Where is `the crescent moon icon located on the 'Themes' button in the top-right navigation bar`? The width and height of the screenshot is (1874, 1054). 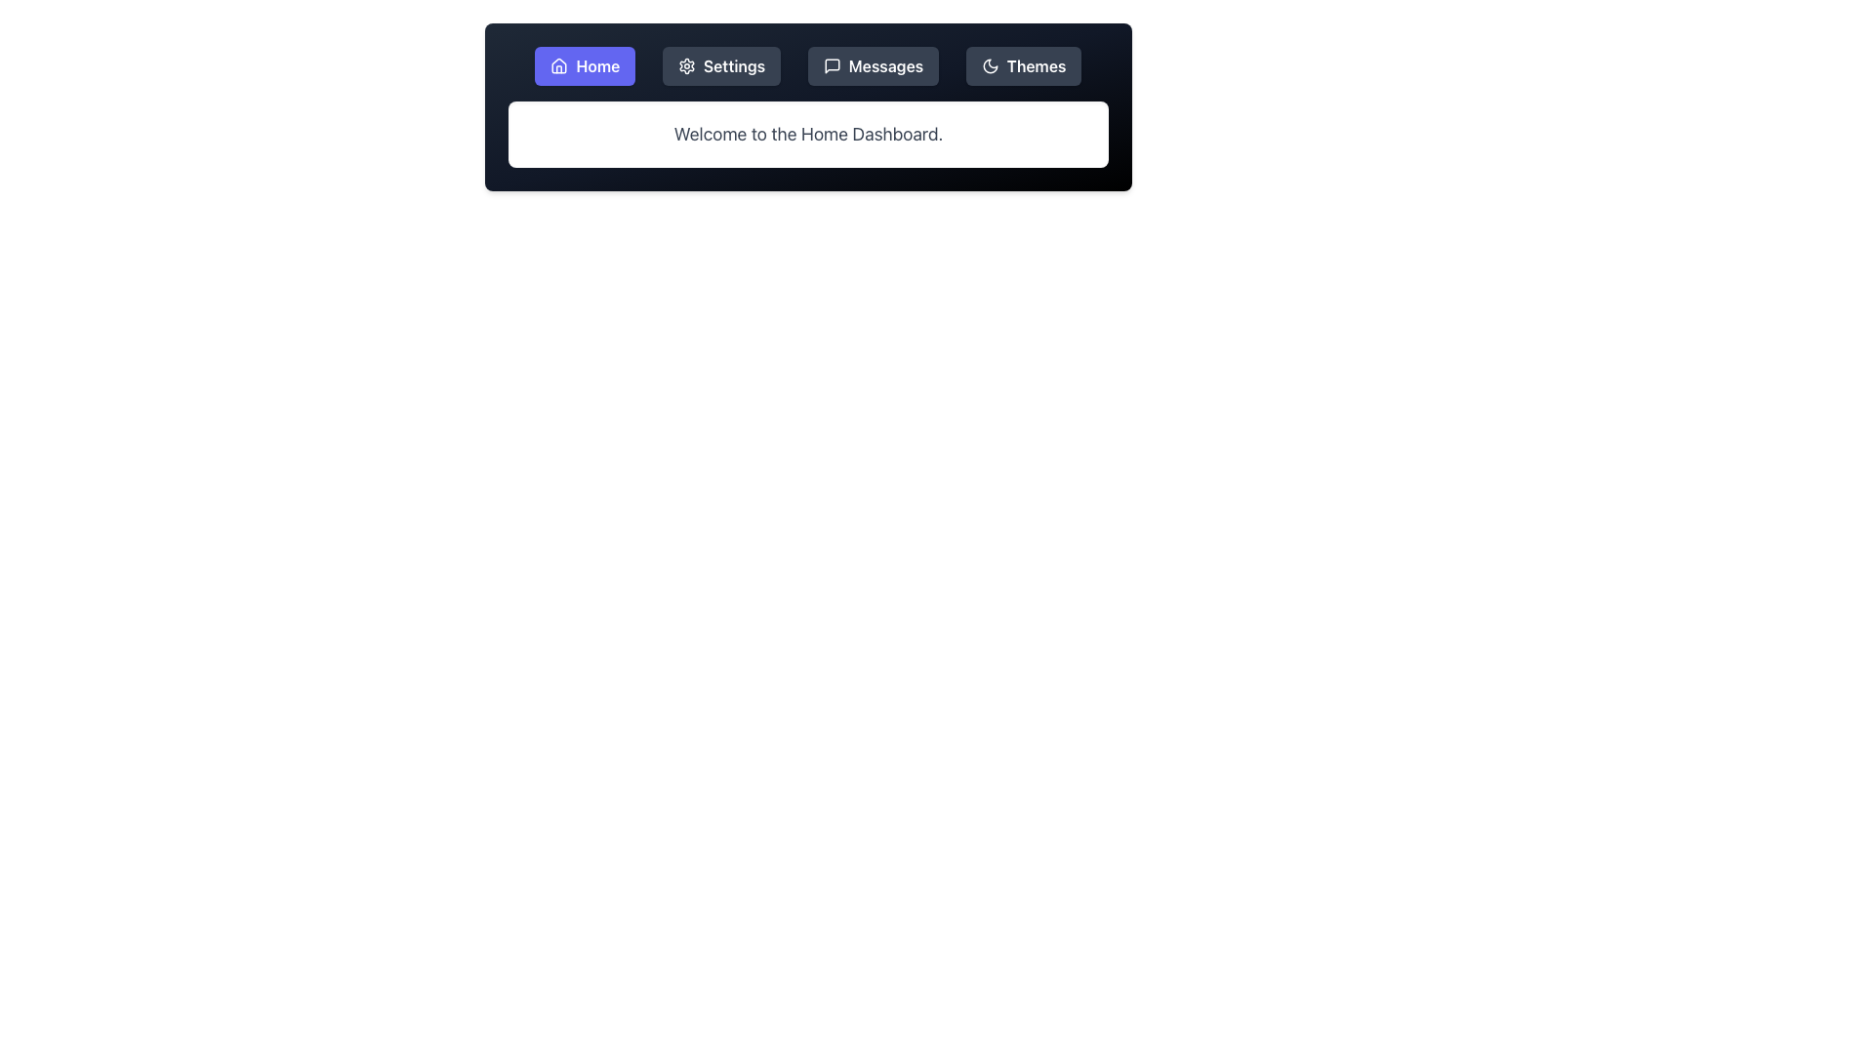 the crescent moon icon located on the 'Themes' button in the top-right navigation bar is located at coordinates (990, 65).